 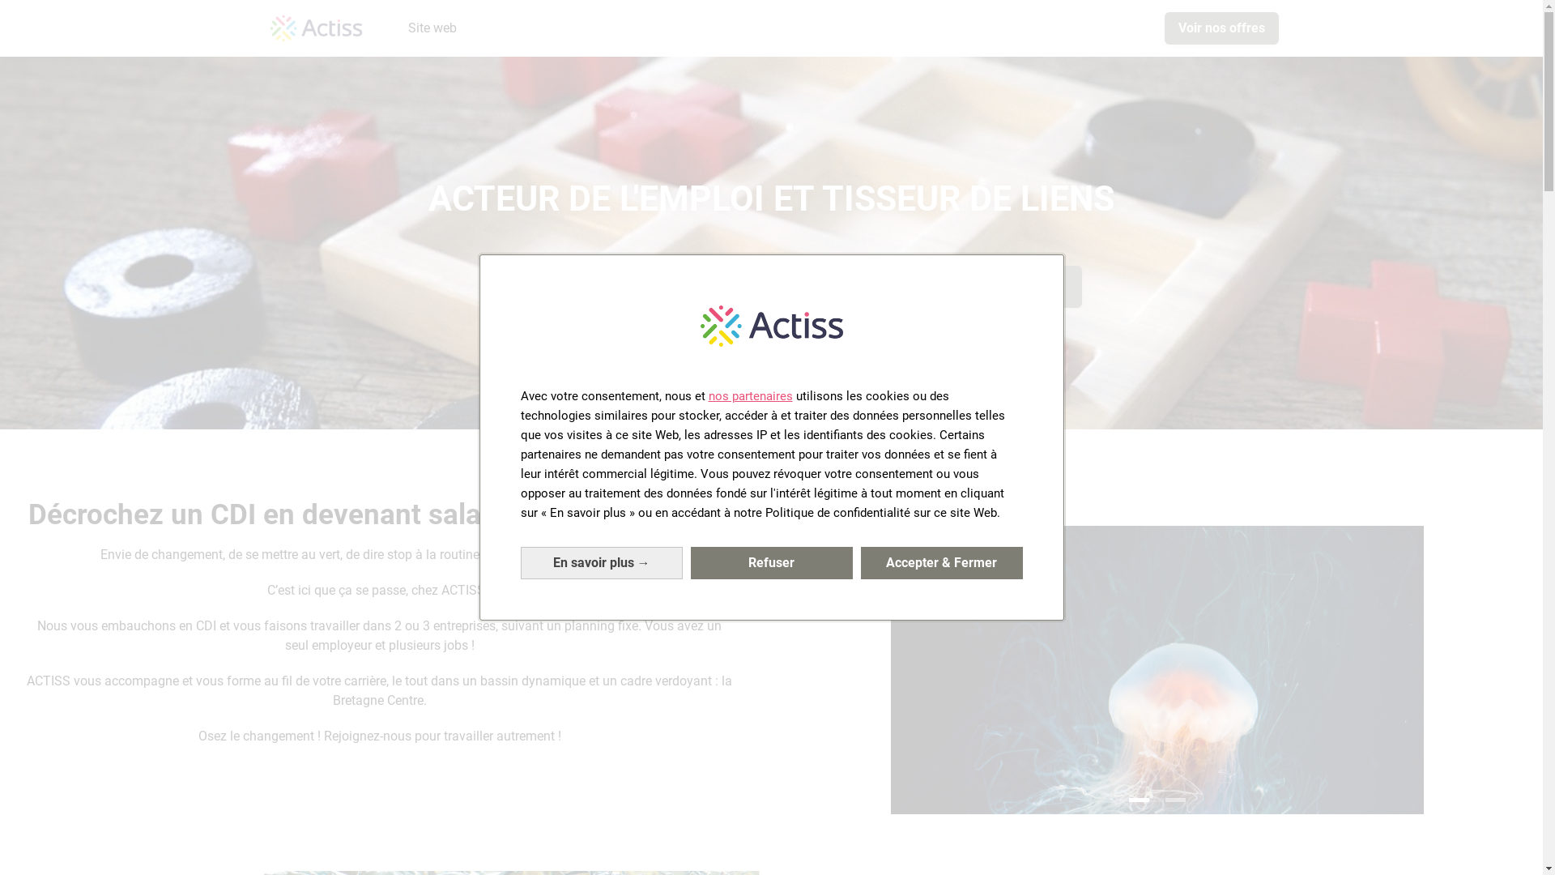 I want to click on 'Accepter & Fermer', so click(x=858, y=561).